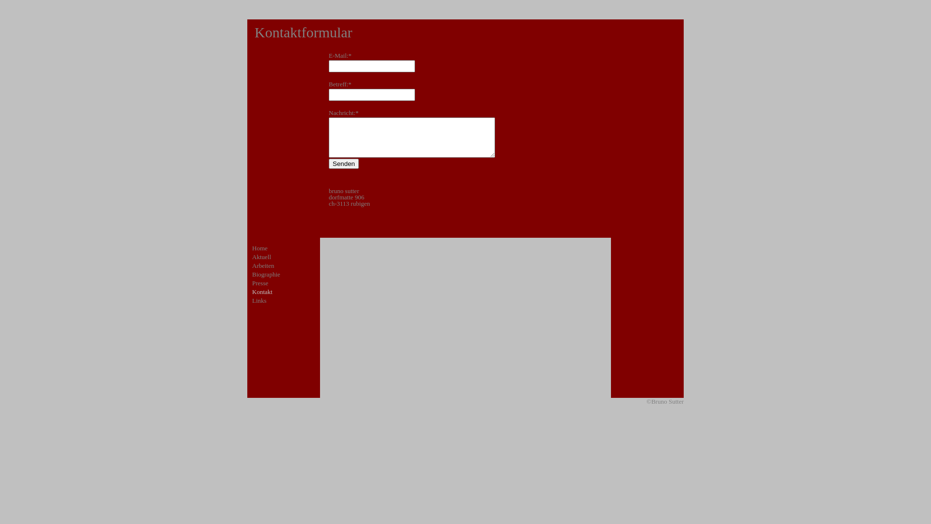  Describe the element at coordinates (247, 311) in the screenshot. I see `' '` at that location.